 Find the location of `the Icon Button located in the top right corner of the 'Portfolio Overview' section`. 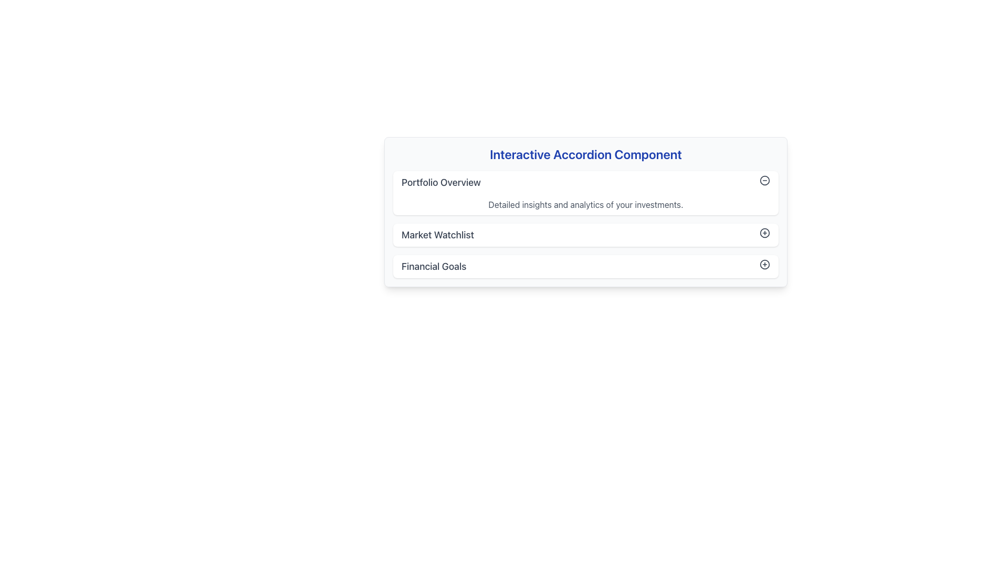

the Icon Button located in the top right corner of the 'Portfolio Overview' section is located at coordinates (765, 180).